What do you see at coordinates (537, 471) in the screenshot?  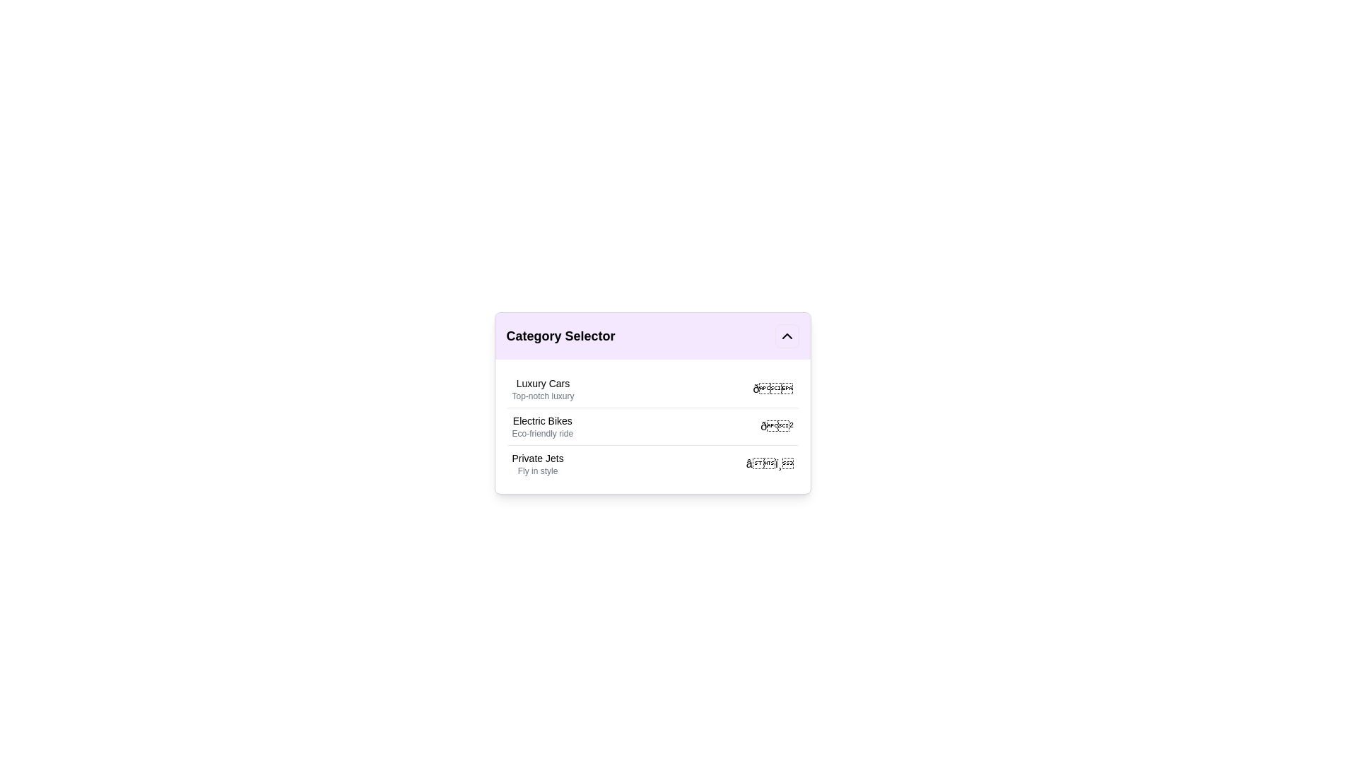 I see `the descriptive text label located below 'Private Jets' in the 'Category Selector' section` at bounding box center [537, 471].